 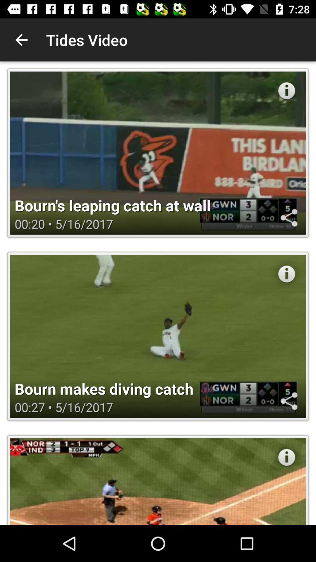 What do you see at coordinates (288, 217) in the screenshot?
I see `share the video` at bounding box center [288, 217].